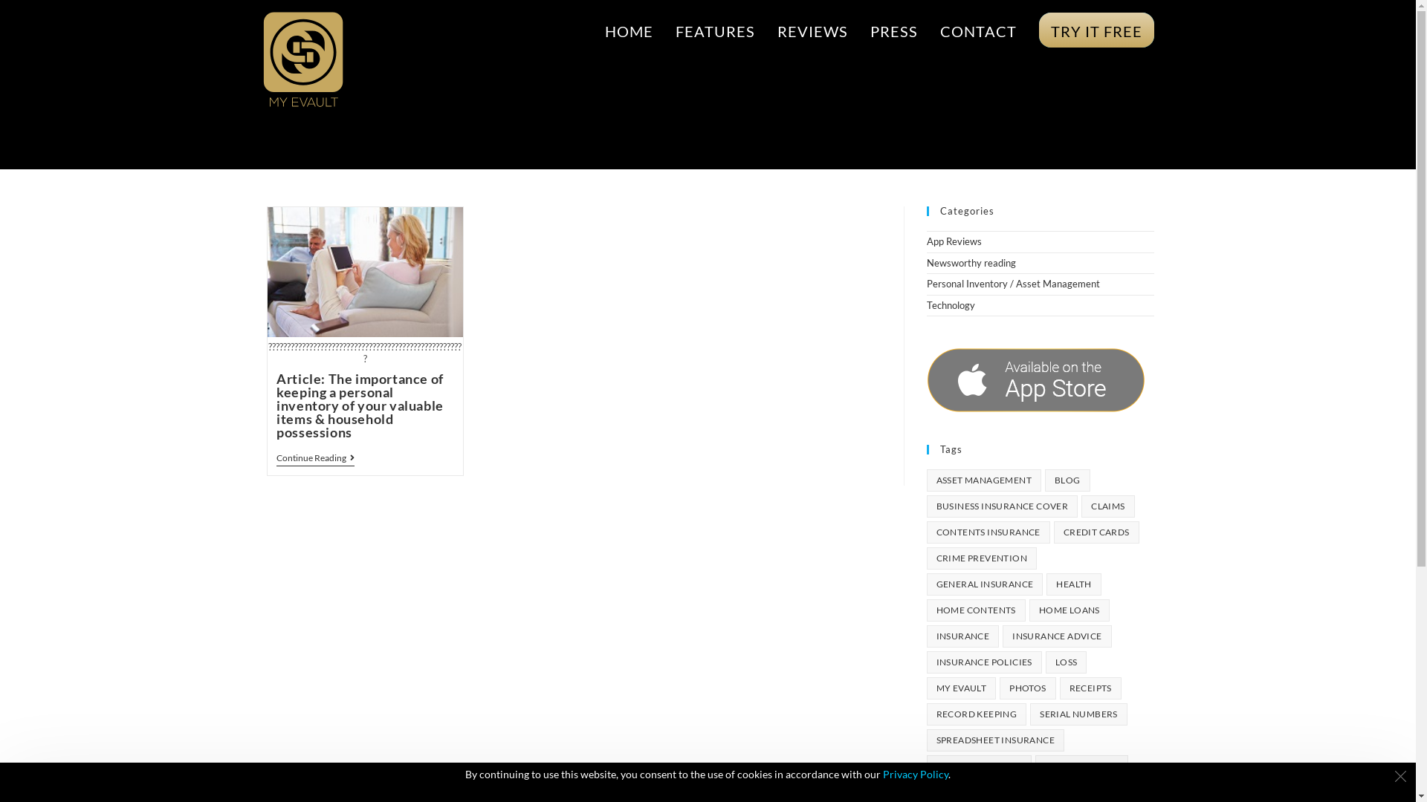 The image size is (1427, 802). I want to click on 'TRY IT FREE', so click(1026, 31).